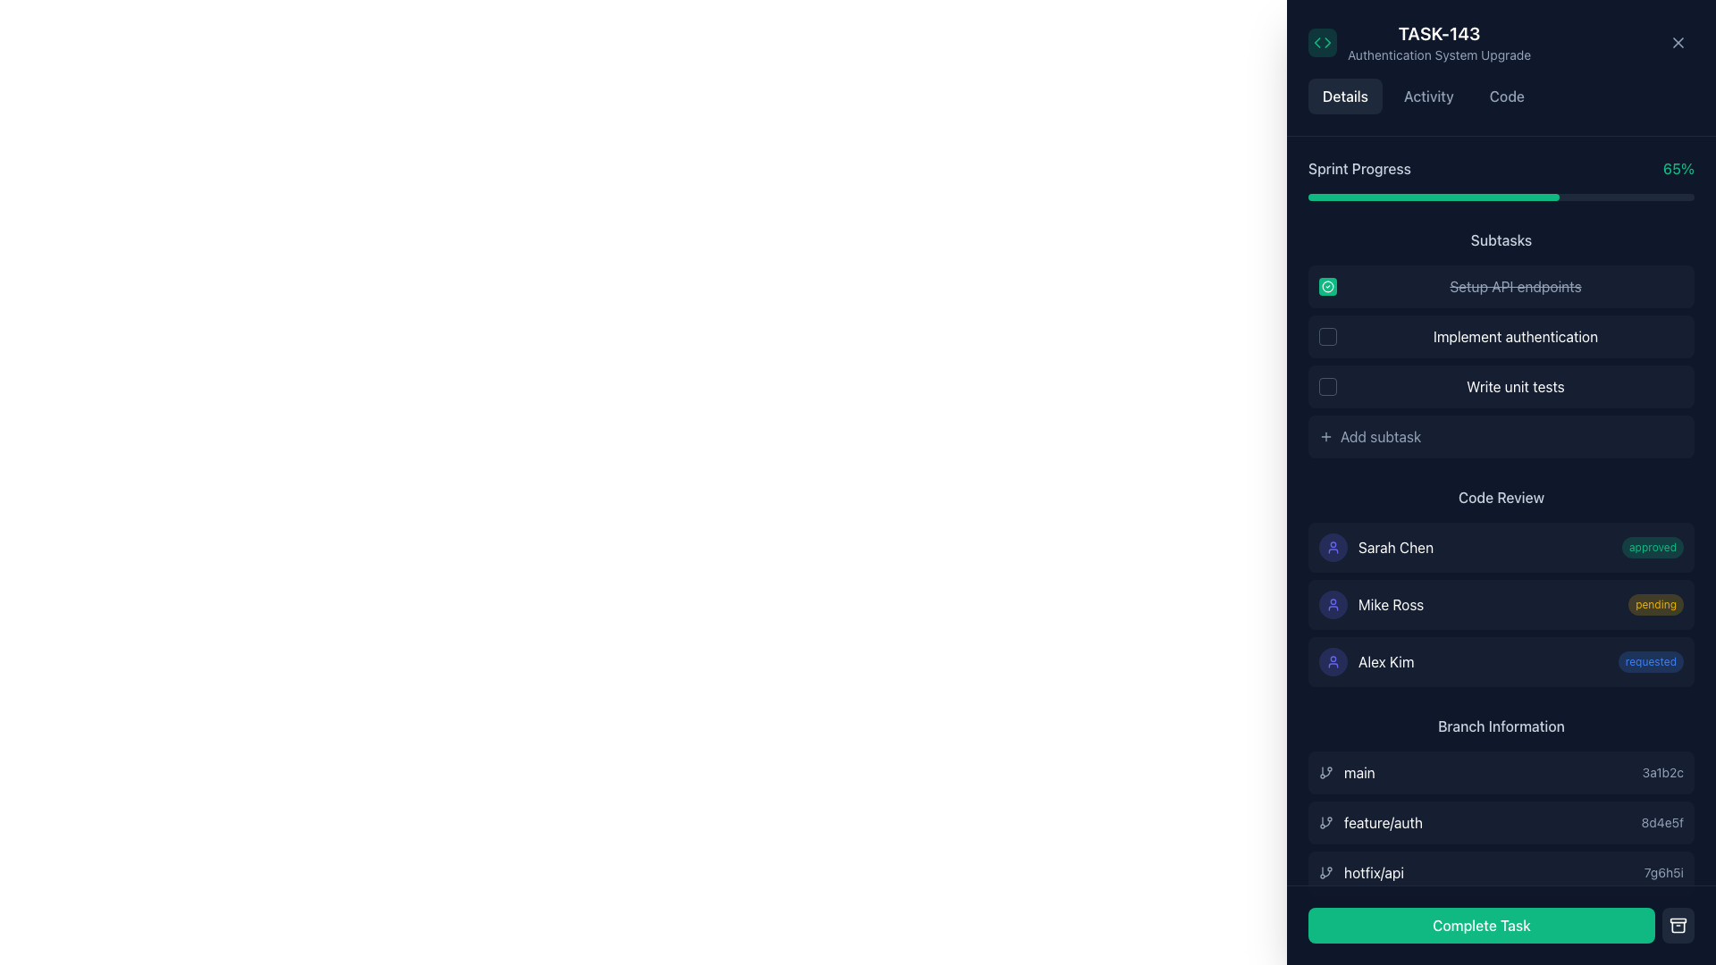 This screenshot has width=1716, height=965. Describe the element at coordinates (1514, 385) in the screenshot. I see `the text label reading 'Write unit tests'` at that location.